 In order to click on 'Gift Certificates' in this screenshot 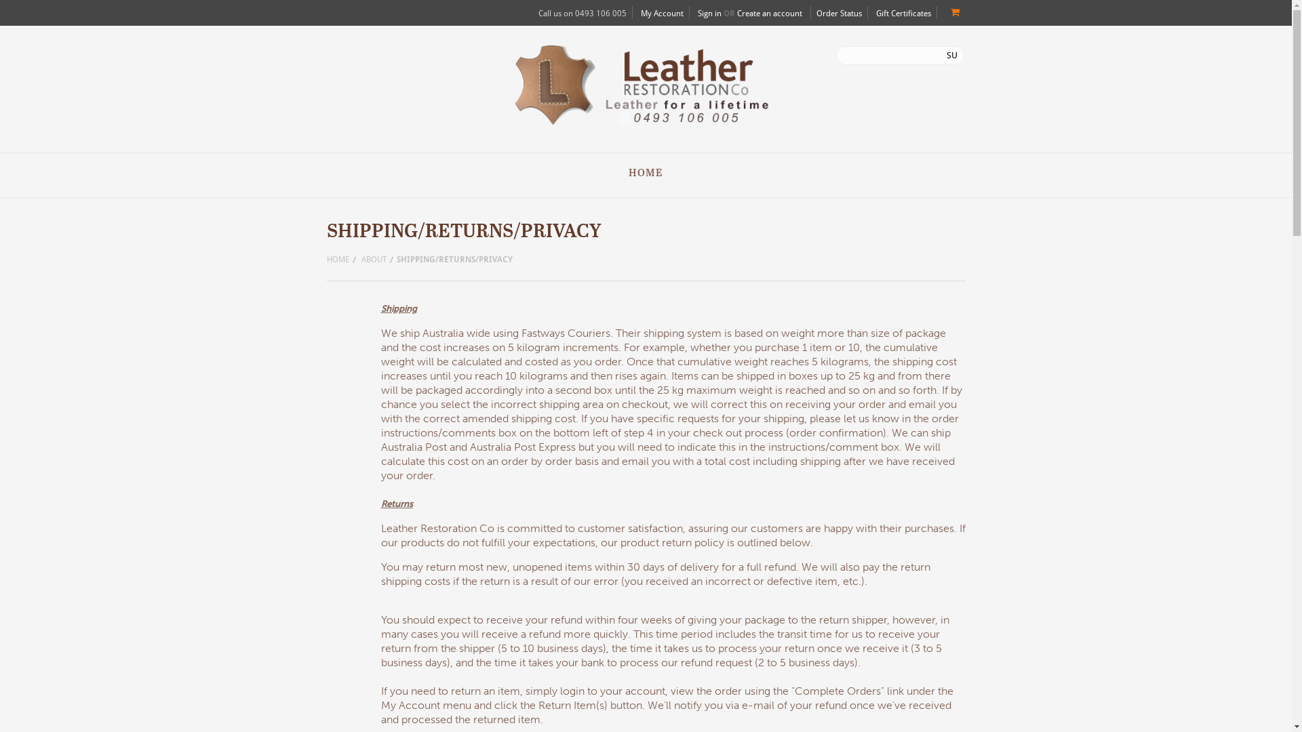, I will do `click(903, 13)`.